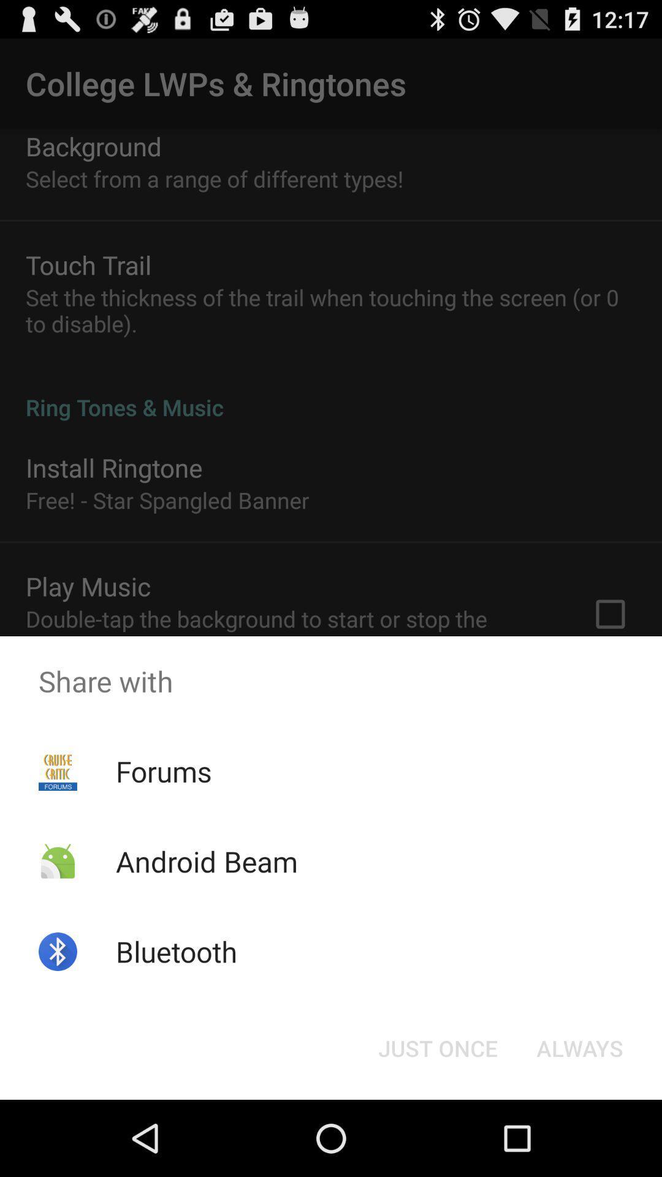 The image size is (662, 1177). Describe the element at coordinates (206, 861) in the screenshot. I see `android beam` at that location.